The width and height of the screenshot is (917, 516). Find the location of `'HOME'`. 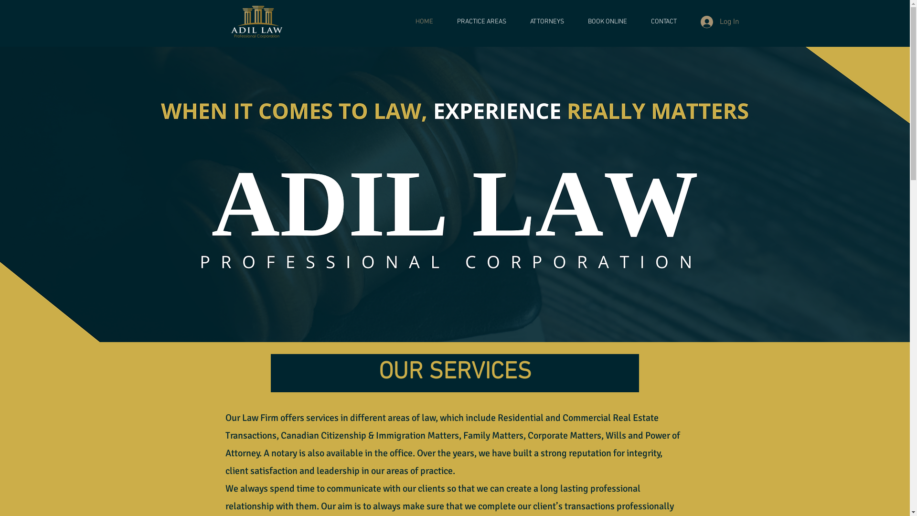

'HOME' is located at coordinates (423, 21).